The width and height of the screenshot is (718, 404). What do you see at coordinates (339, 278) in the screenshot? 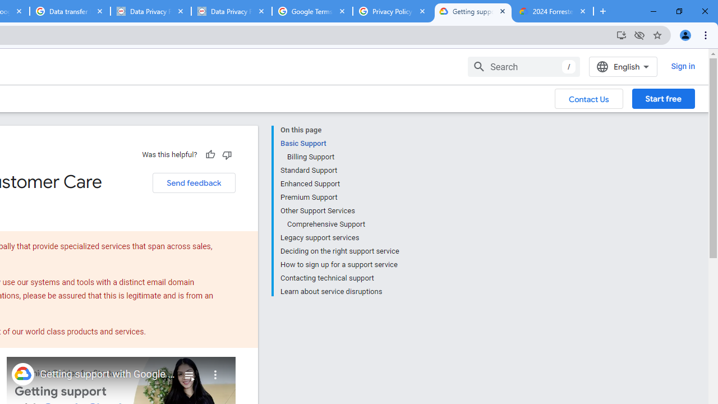
I see `'Contacting technical support'` at bounding box center [339, 278].